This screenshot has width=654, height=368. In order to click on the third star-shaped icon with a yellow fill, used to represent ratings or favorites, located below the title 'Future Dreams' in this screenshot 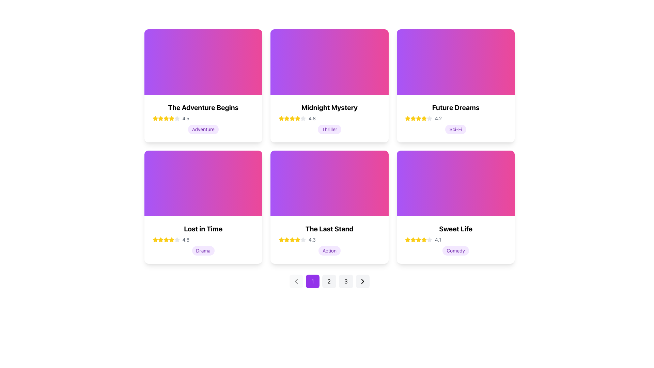, I will do `click(423, 118)`.